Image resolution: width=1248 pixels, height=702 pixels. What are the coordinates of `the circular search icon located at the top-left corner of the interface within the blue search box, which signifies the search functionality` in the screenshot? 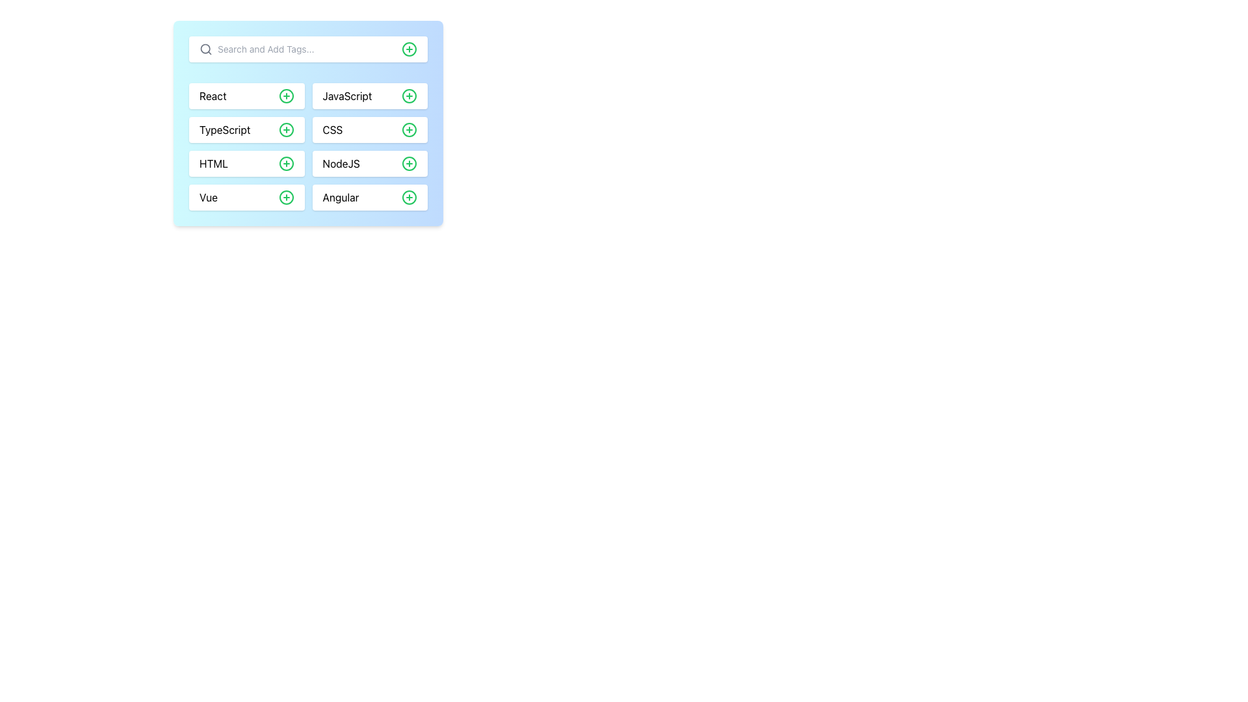 It's located at (205, 48).